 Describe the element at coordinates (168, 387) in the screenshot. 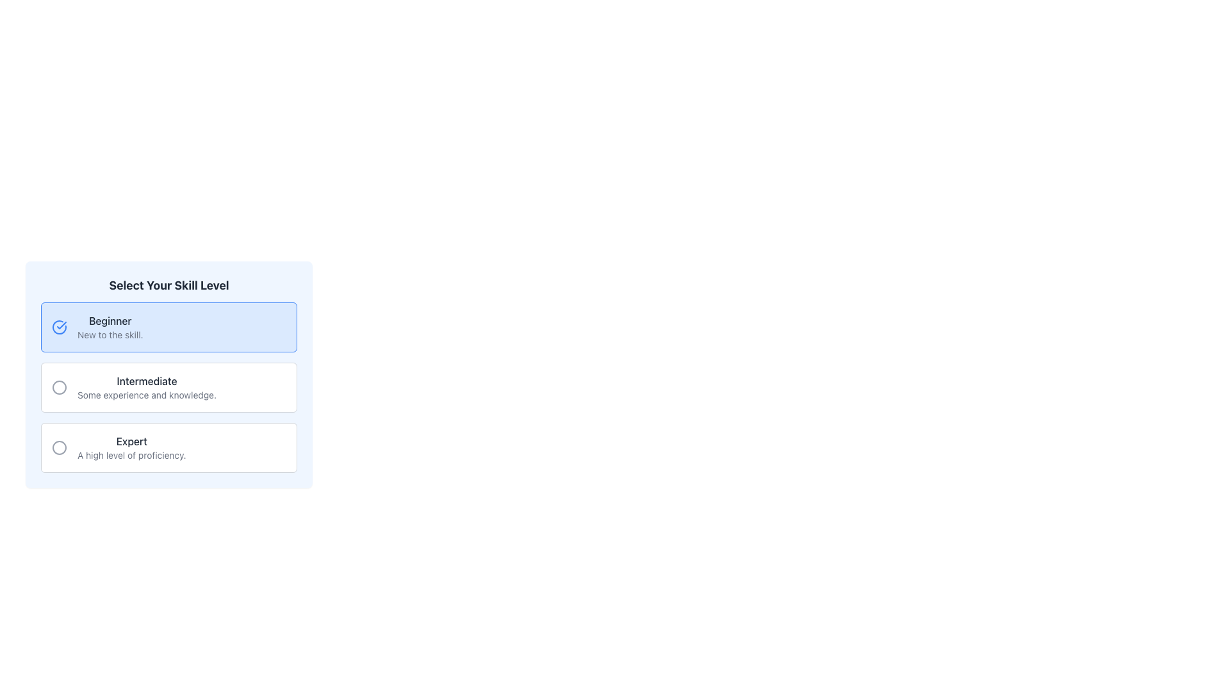

I see `the 'Intermediate' selectable option in the skill level list` at that location.